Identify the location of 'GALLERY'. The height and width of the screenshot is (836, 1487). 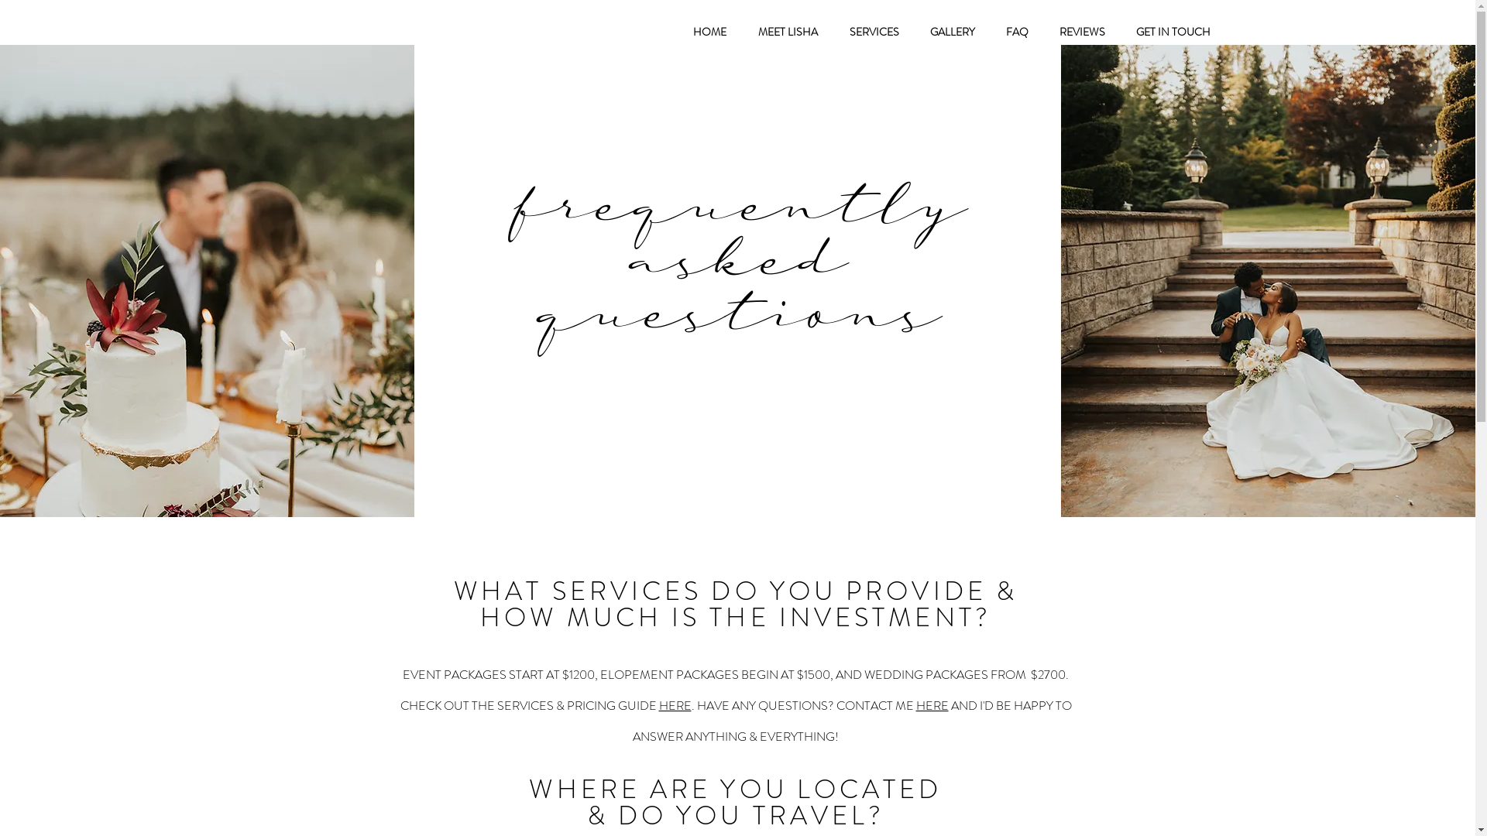
(950, 32).